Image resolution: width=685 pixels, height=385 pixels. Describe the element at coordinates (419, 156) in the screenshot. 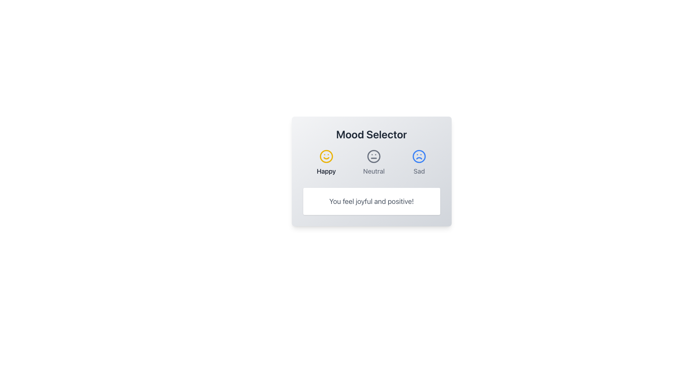

I see `the outermost circular boundary of the 'Sad' face icon, which is the rightmost mood option in the selection card` at that location.